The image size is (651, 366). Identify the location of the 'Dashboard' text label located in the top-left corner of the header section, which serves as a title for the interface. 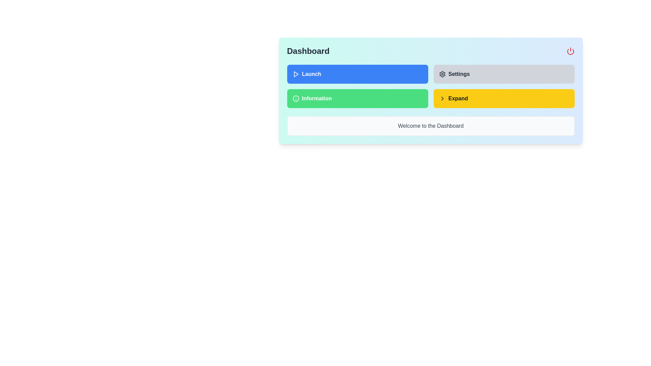
(308, 50).